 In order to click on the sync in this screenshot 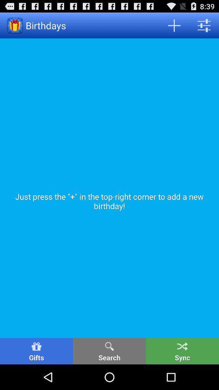, I will do `click(182, 351)`.